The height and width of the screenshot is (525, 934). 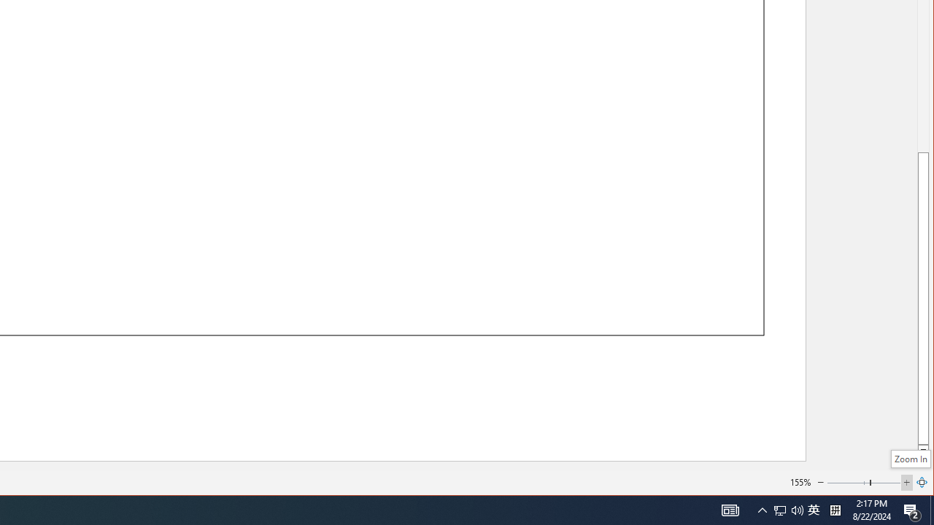 What do you see at coordinates (797, 509) in the screenshot?
I see `'Q2790: 100%'` at bounding box center [797, 509].